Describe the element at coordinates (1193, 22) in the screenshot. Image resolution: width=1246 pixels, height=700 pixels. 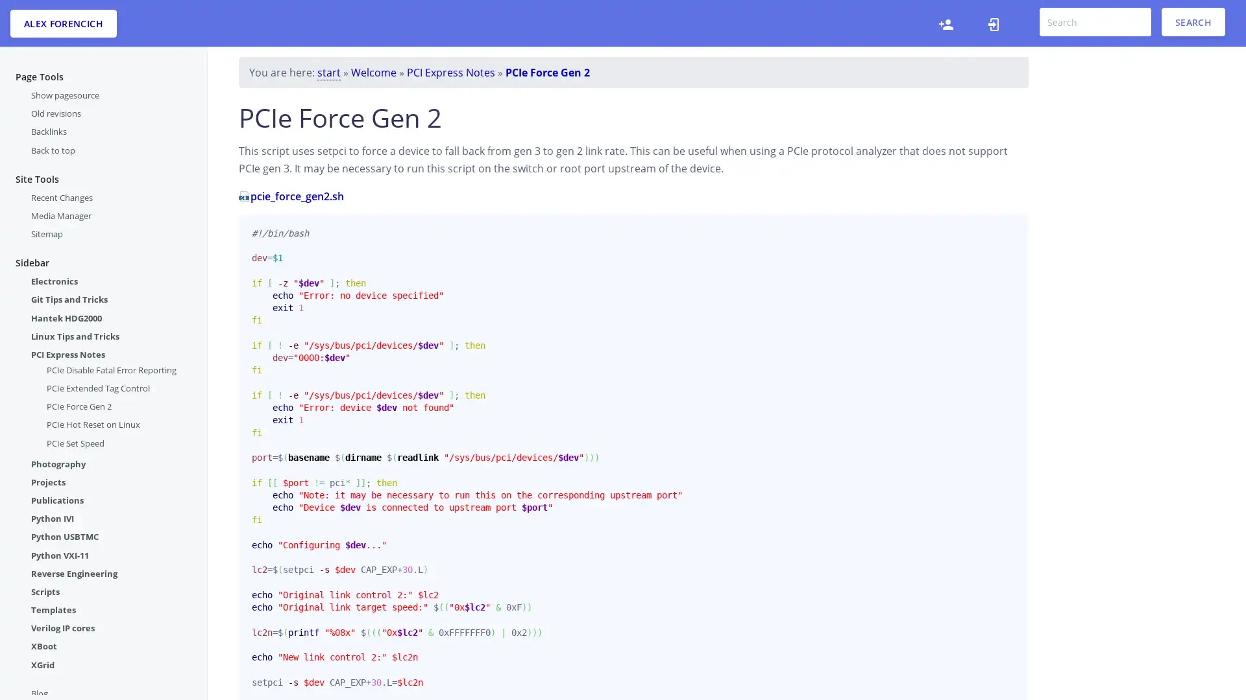
I see `SEARCH` at that location.